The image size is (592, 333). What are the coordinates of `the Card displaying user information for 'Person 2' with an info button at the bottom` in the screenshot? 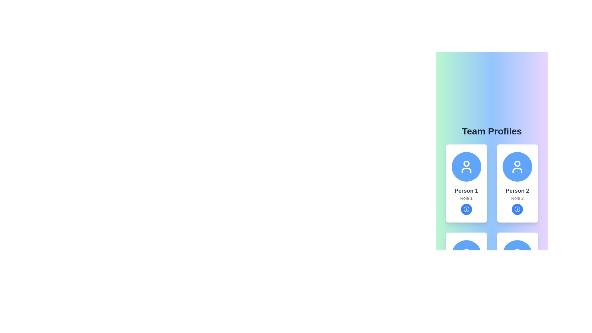 It's located at (517, 183).